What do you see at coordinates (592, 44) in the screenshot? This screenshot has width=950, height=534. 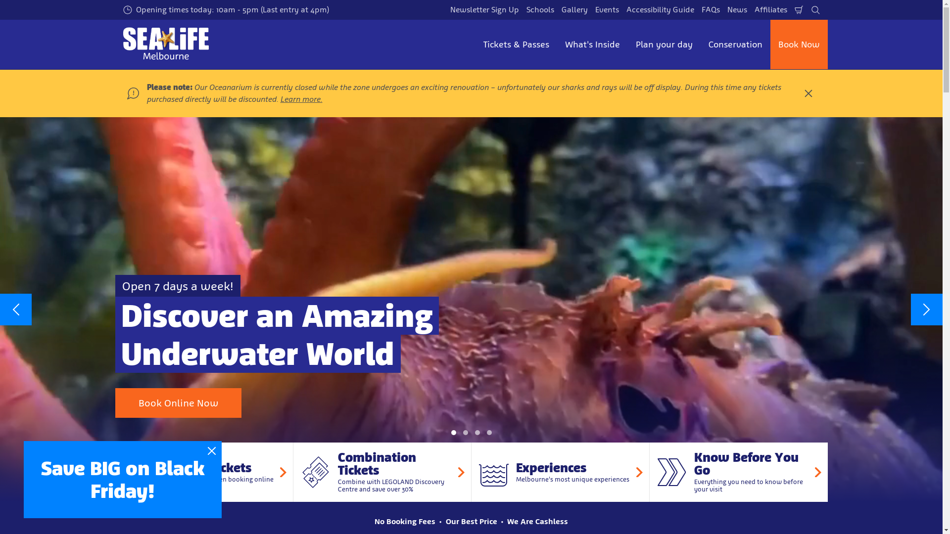 I see `'What's Inside'` at bounding box center [592, 44].